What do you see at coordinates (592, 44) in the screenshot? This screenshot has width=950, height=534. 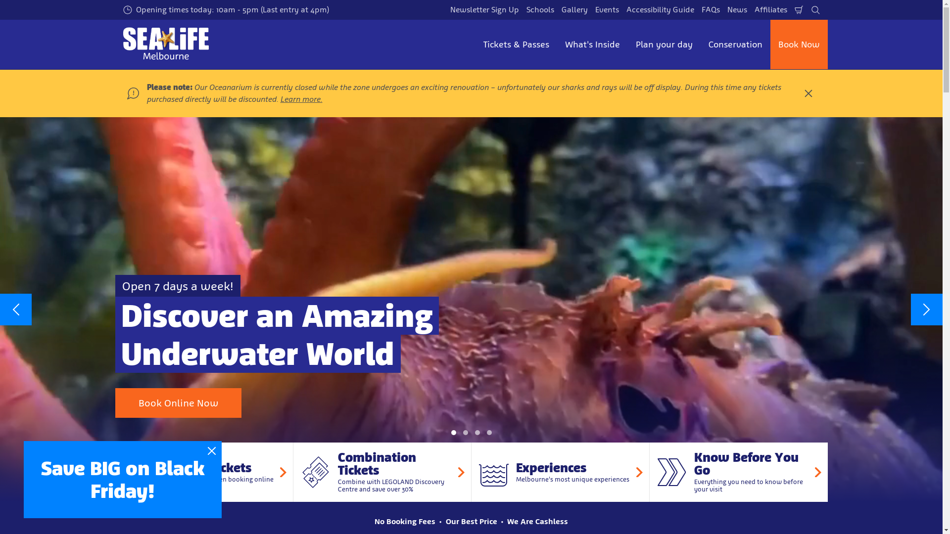 I see `'What's Inside'` at bounding box center [592, 44].